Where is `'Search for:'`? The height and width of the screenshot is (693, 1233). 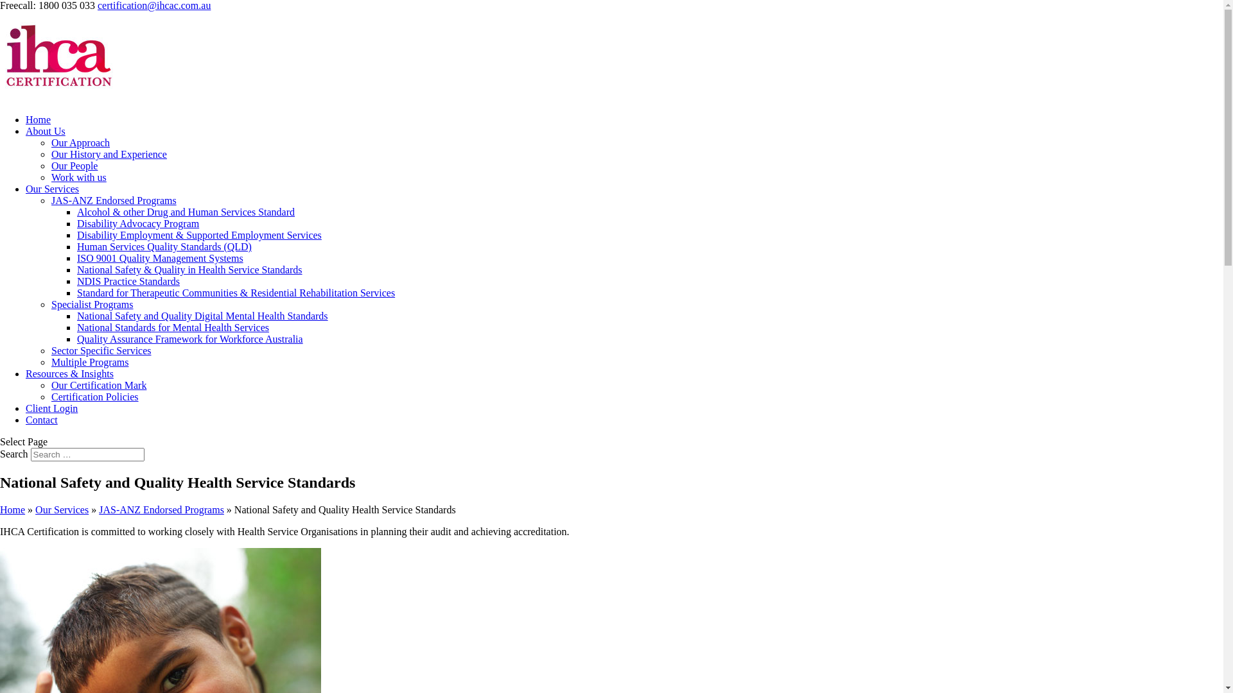
'Search for:' is located at coordinates (87, 454).